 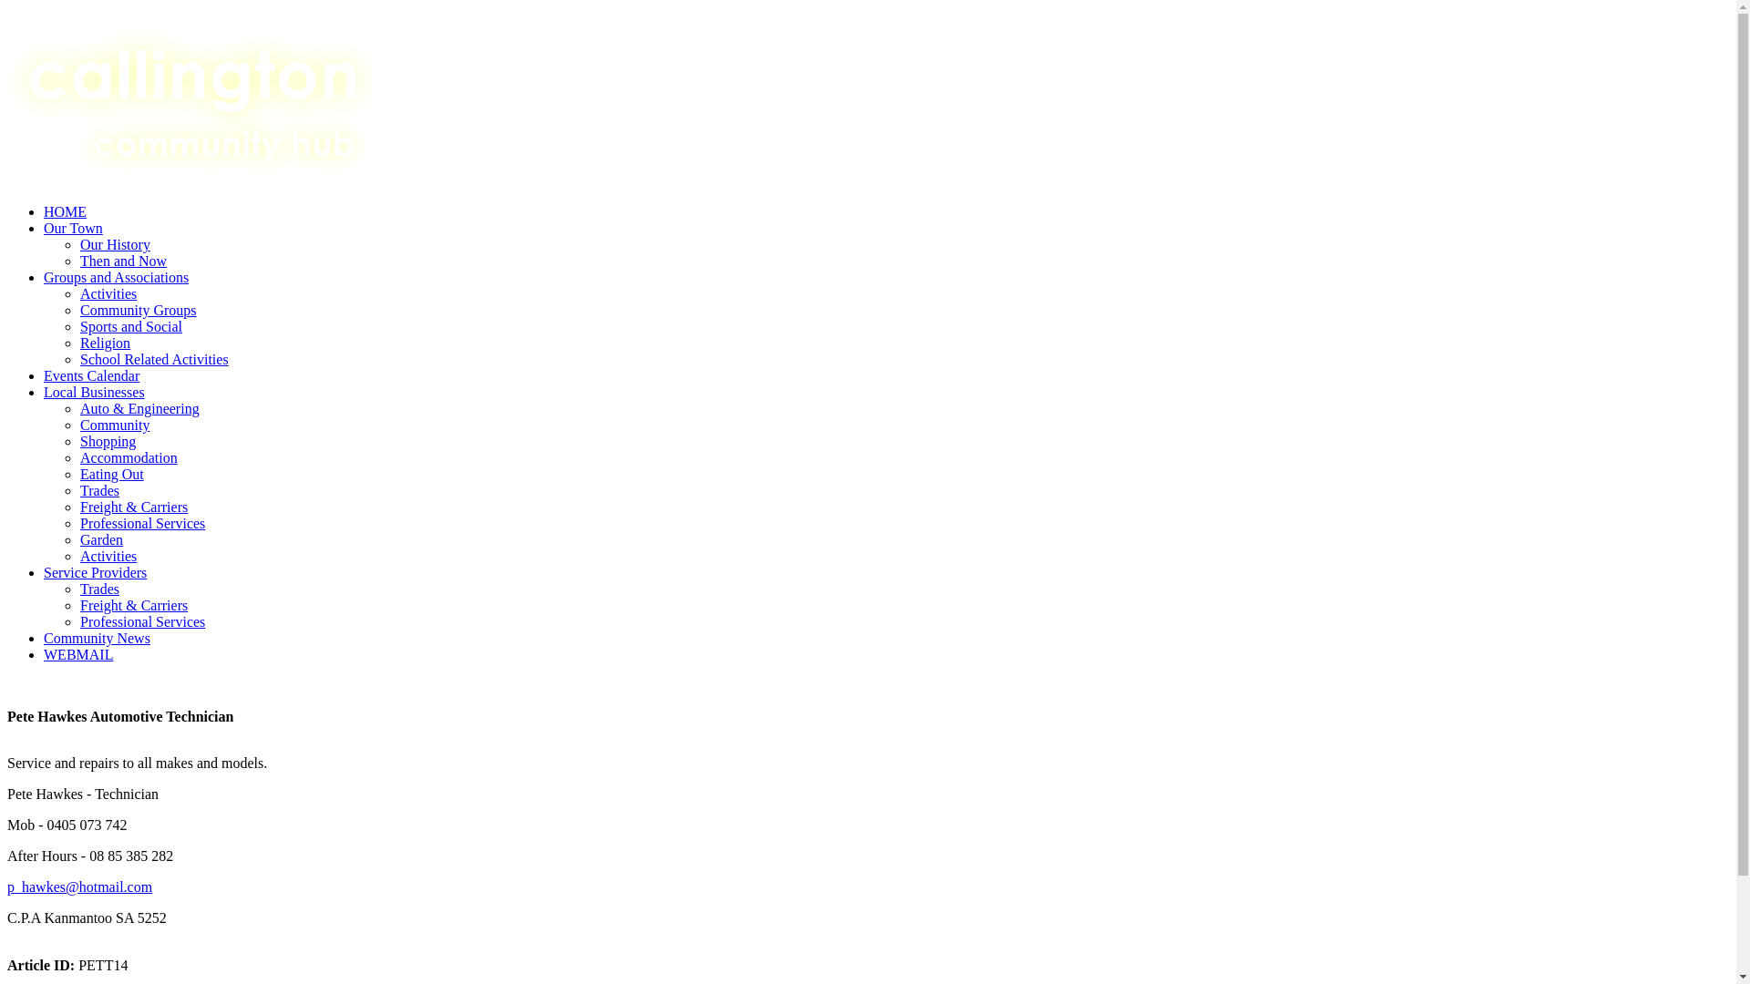 I want to click on 'Our History', so click(x=114, y=243).